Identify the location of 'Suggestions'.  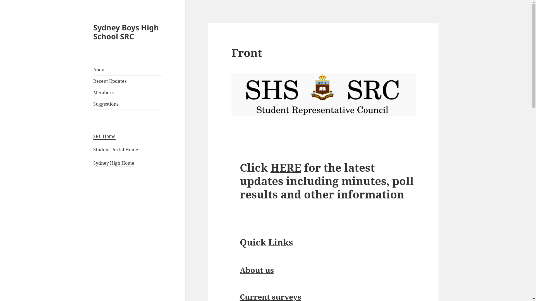
(127, 104).